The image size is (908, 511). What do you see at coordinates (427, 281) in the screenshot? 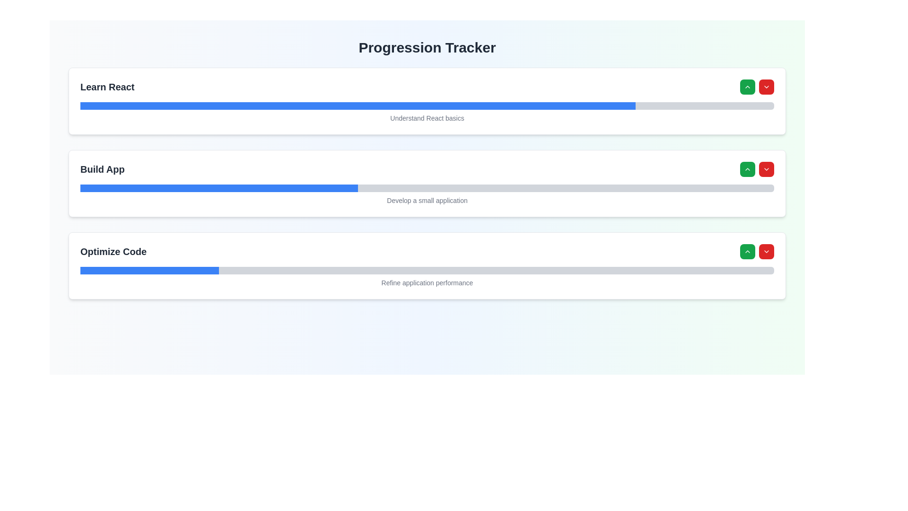
I see `the text label displaying 'Refine application performance' in gray color, located below the progress bar in the 'Optimize Code' section` at bounding box center [427, 281].